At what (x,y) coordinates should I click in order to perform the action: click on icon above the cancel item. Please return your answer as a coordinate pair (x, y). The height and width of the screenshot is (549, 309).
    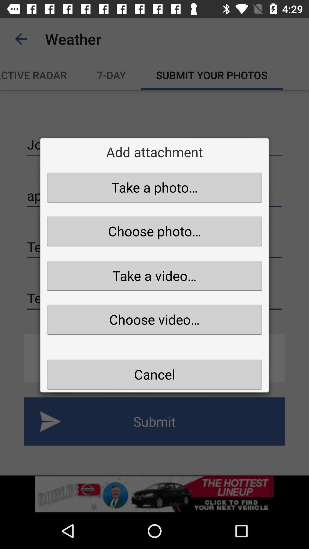
    Looking at the image, I should click on (154, 319).